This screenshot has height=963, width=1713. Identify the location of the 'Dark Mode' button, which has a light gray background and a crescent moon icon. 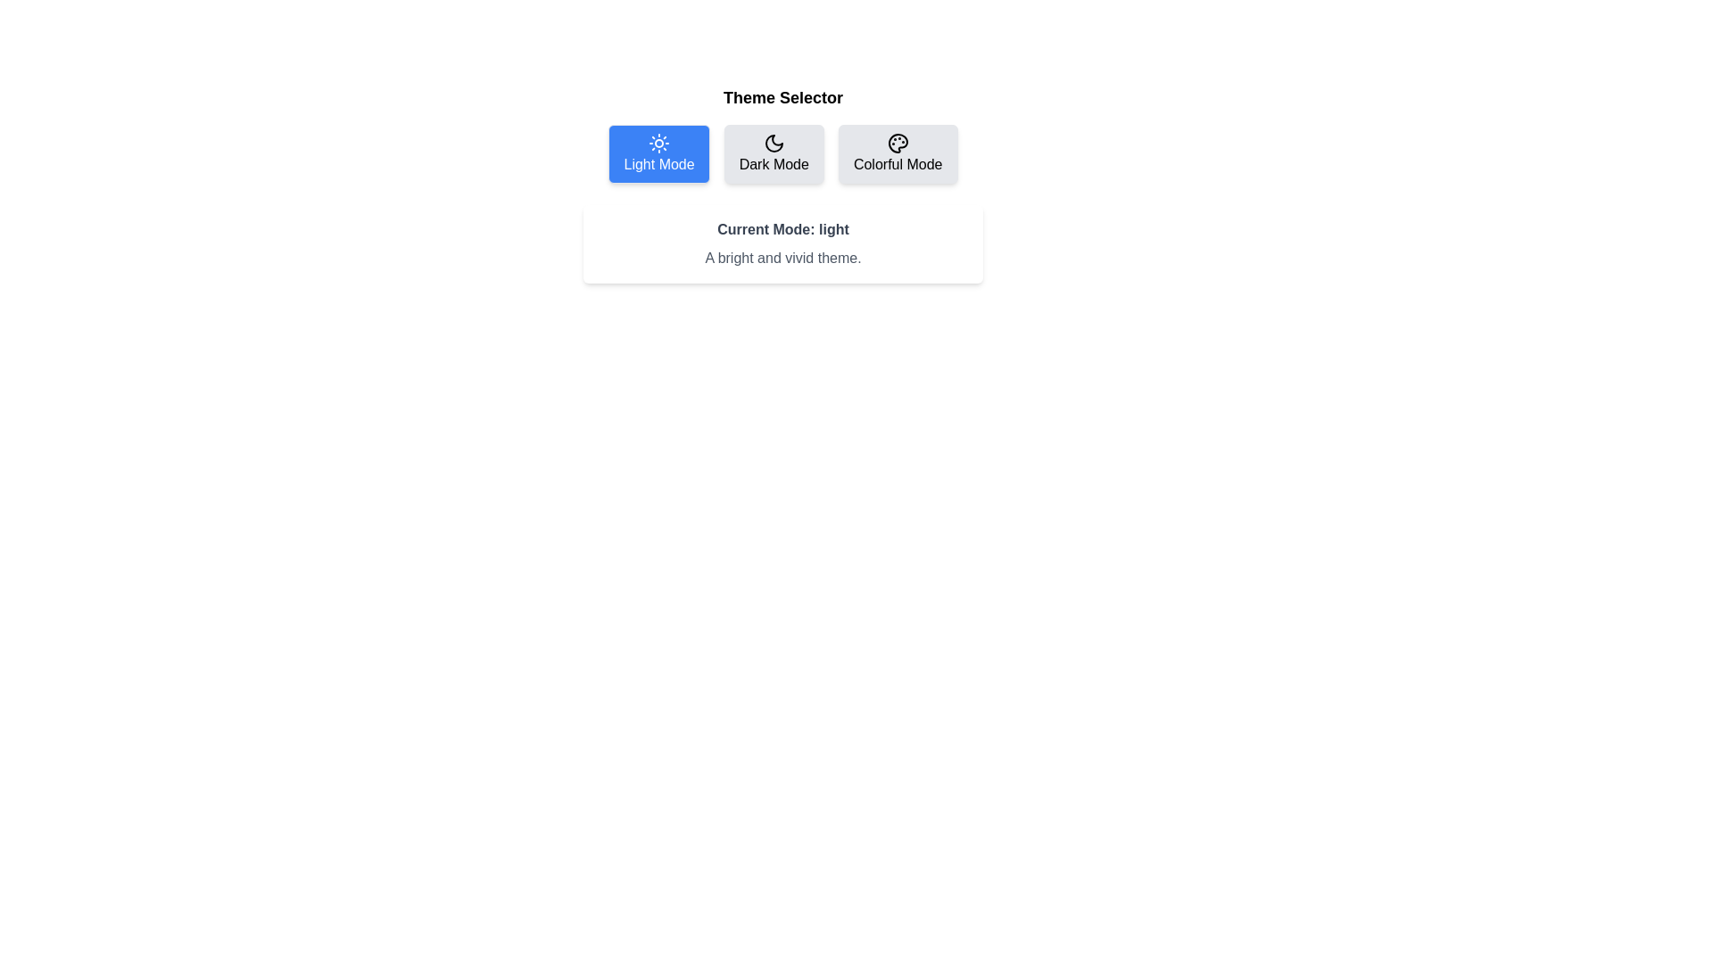
(783, 153).